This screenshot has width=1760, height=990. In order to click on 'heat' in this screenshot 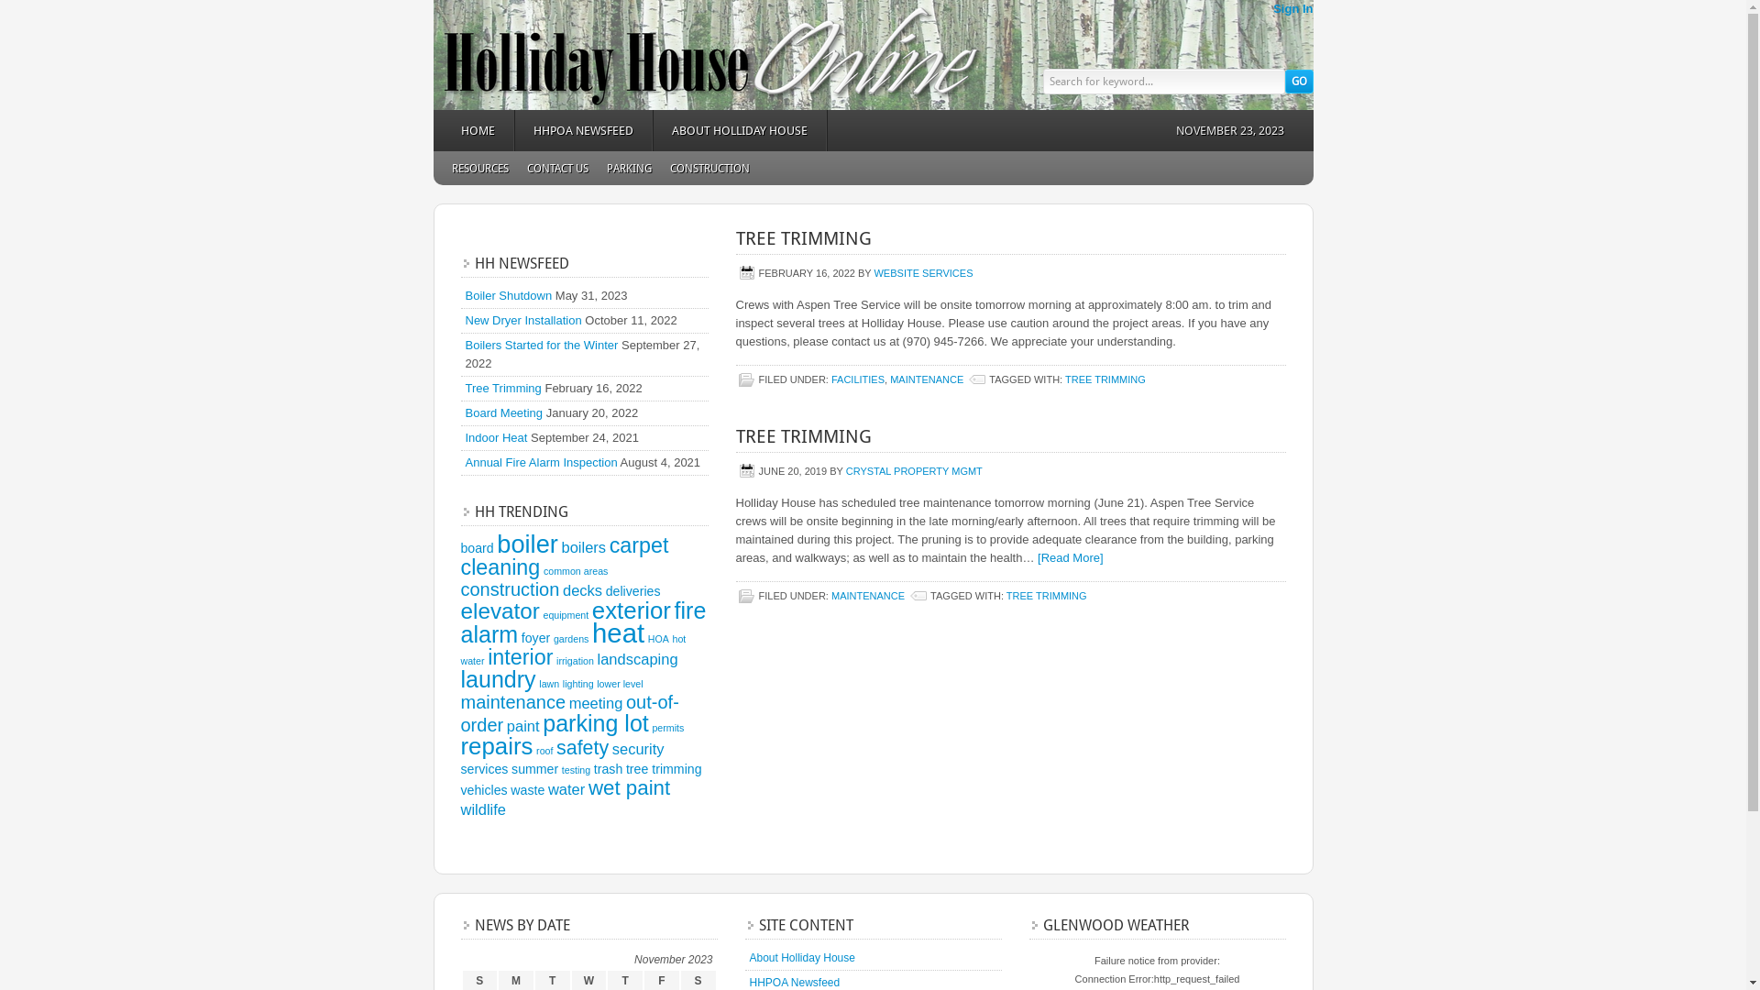, I will do `click(618, 632)`.